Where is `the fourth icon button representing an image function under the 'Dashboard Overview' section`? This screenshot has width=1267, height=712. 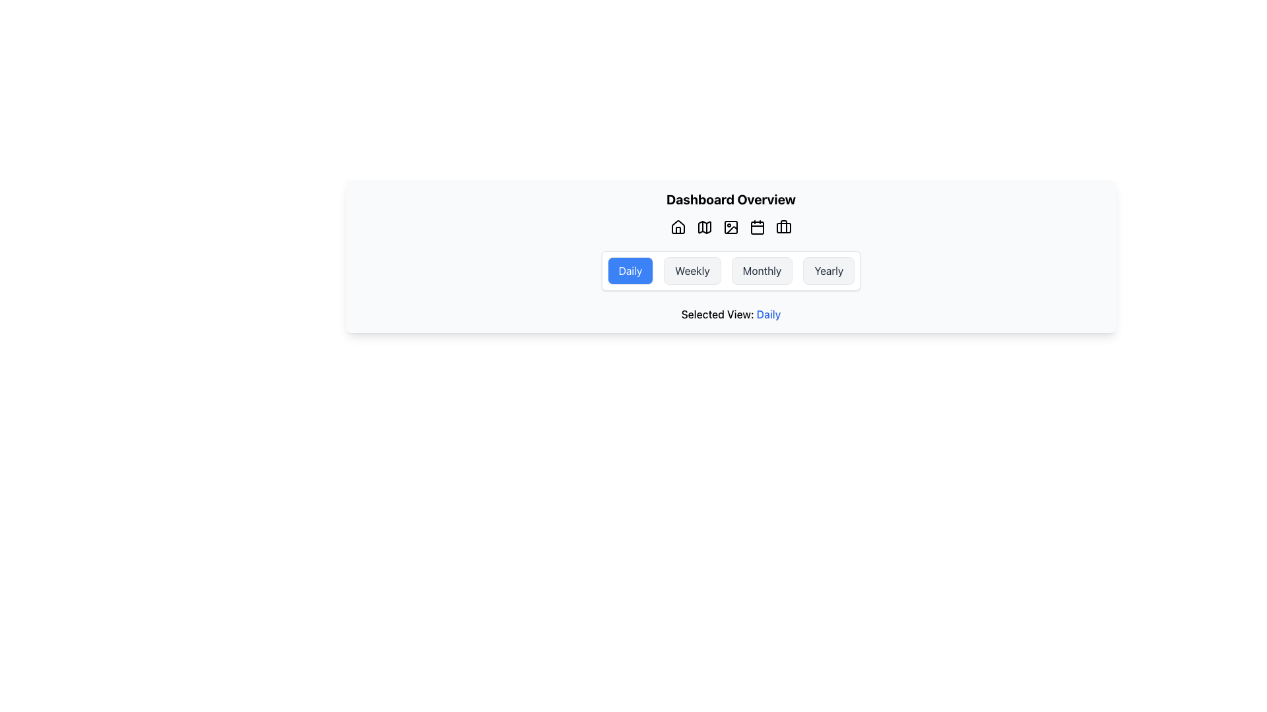 the fourth icon button representing an image function under the 'Dashboard Overview' section is located at coordinates (731, 226).